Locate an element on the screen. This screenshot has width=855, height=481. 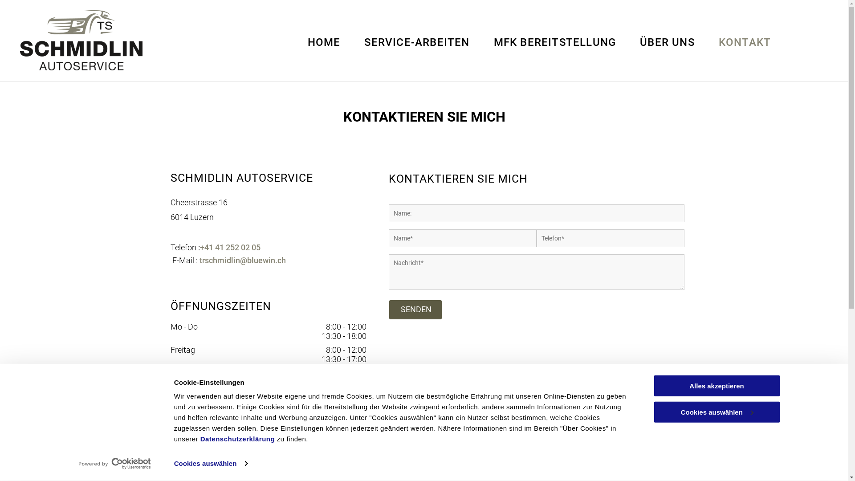
'KONTAKT' is located at coordinates (745, 42).